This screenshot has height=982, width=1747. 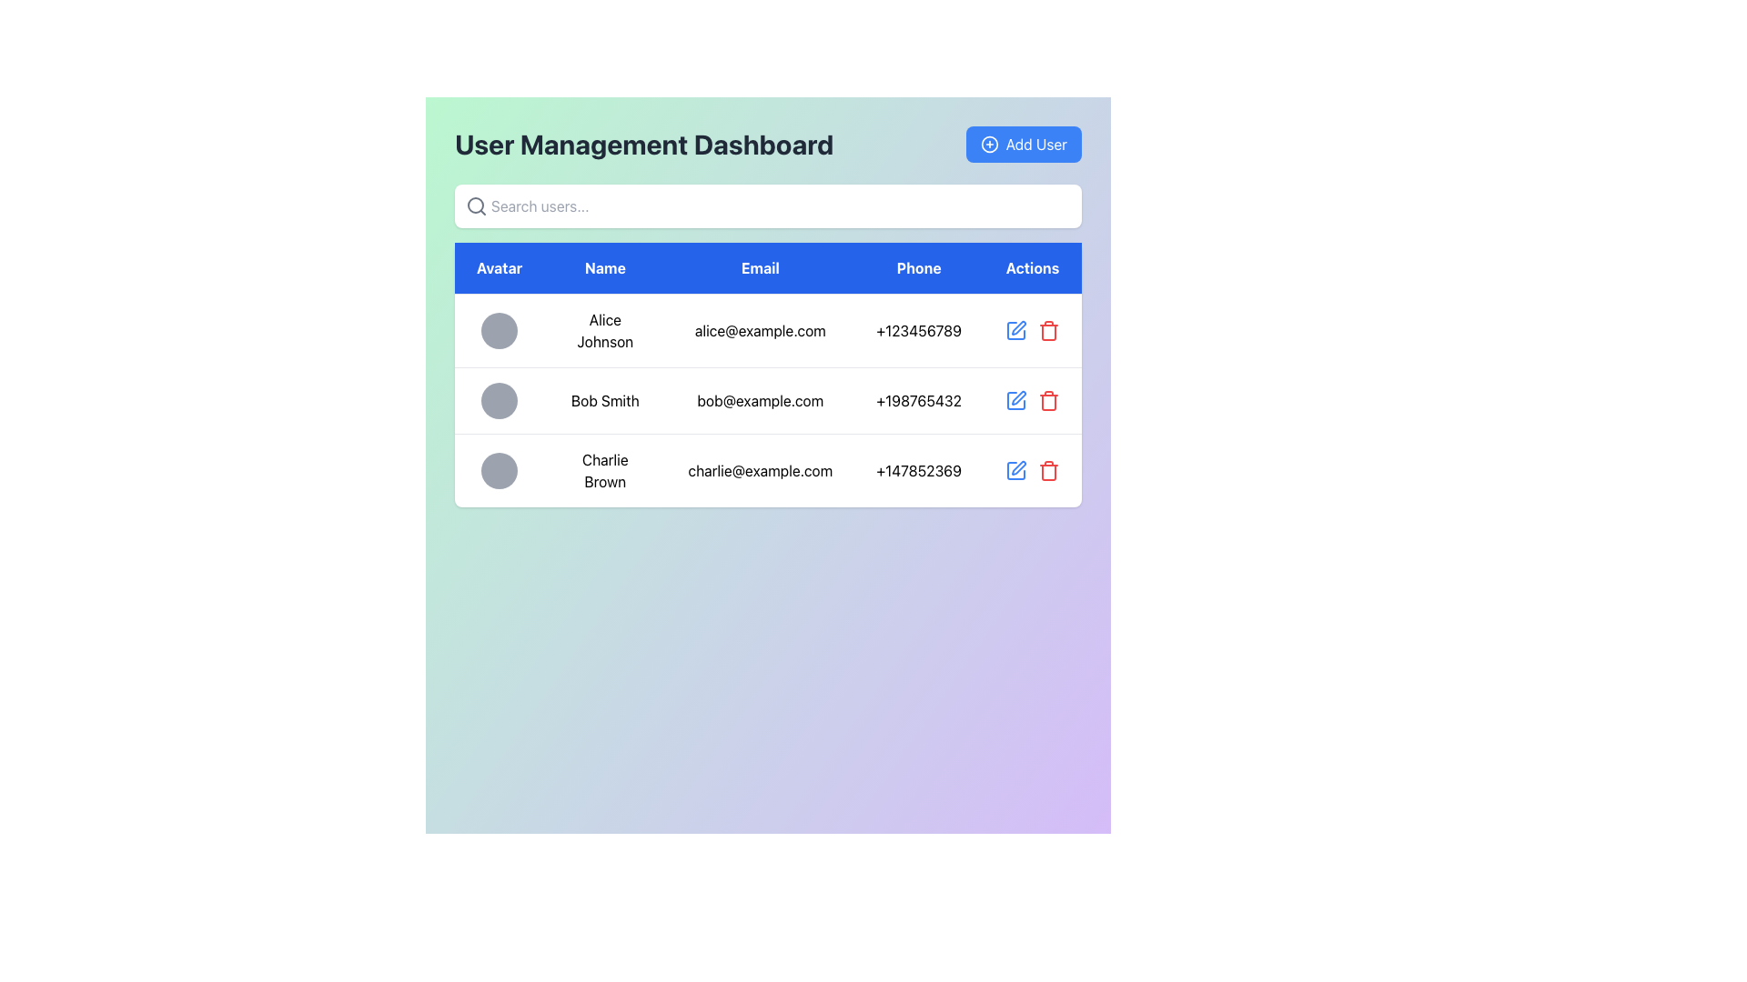 I want to click on the 'Name' column header, which is the second header in a row of five, located between the 'Avatar' header and the 'Email' header, so click(x=605, y=268).